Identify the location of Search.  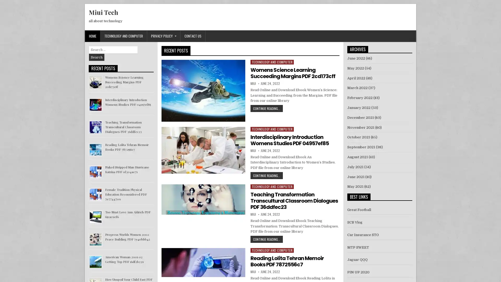
(97, 57).